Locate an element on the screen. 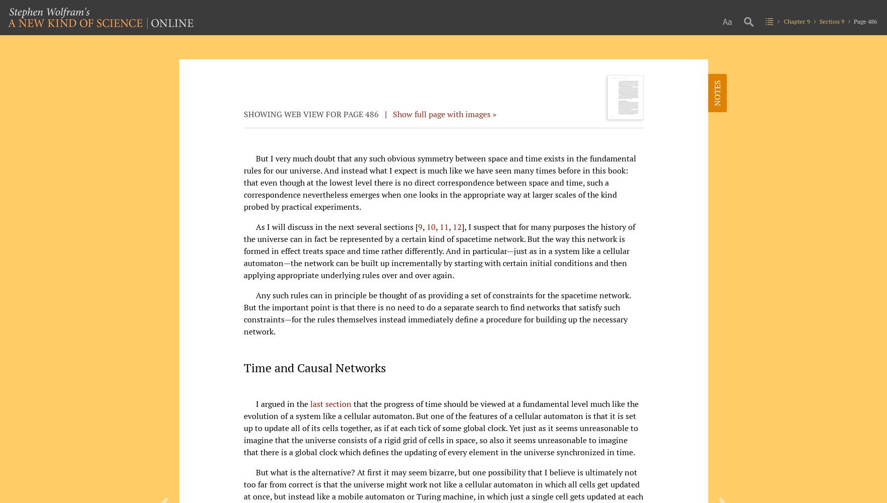 The width and height of the screenshot is (887, 503). 'Section 9' is located at coordinates (831, 21).